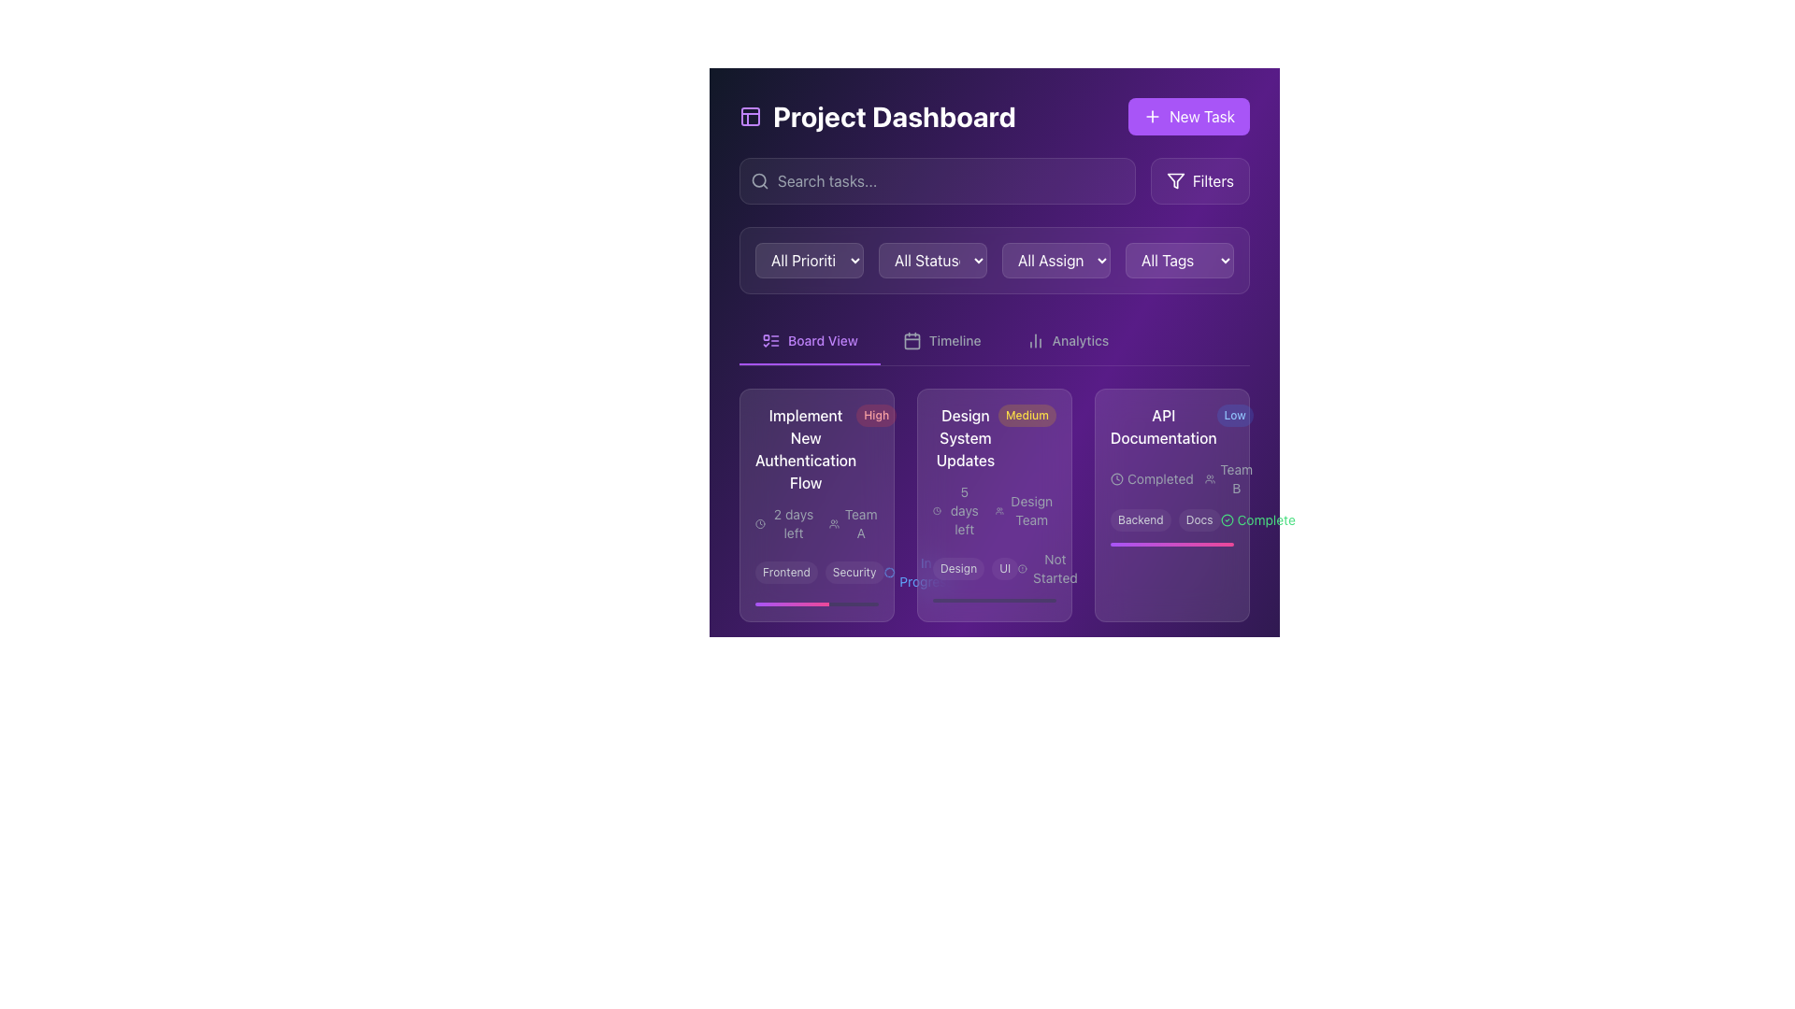 Image resolution: width=1795 pixels, height=1009 pixels. Describe the element at coordinates (786, 523) in the screenshot. I see `the Label with a clock icon and the text '2 days left', located in the bottom-left section of the 'Implement New Authentication Flow' task card, preceding the 'Team A' label` at that location.